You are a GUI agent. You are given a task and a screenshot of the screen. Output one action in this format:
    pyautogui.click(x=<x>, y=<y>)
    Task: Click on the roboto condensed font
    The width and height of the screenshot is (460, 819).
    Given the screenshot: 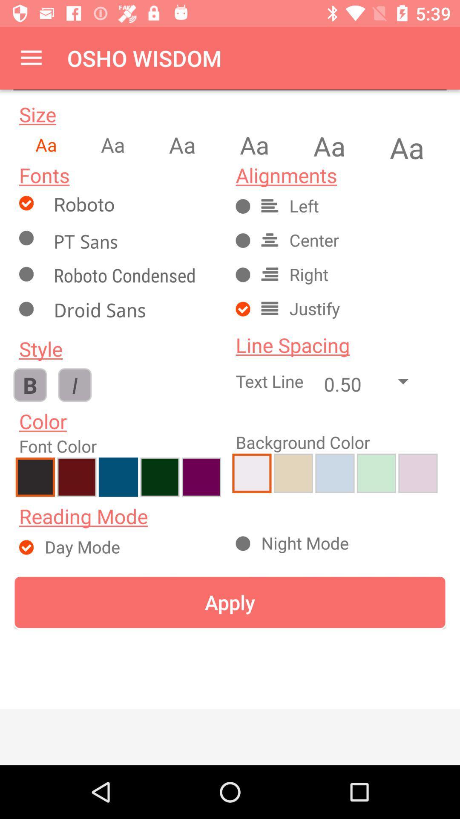 What is the action you would take?
    pyautogui.click(x=134, y=277)
    